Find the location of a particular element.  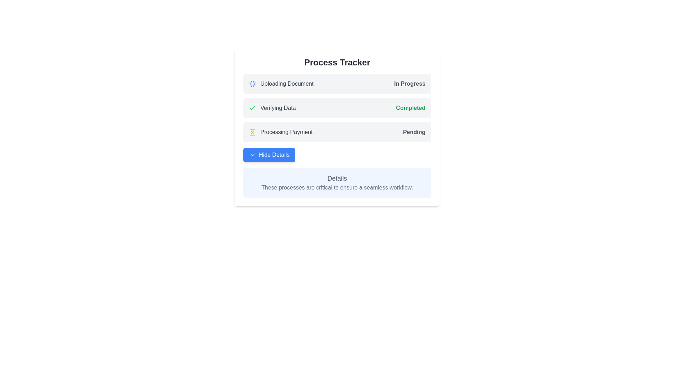

the circular spinning loader icon, which is located at the leftmost side of the 'Uploading Document' row in the process tracker interface is located at coordinates (253, 83).